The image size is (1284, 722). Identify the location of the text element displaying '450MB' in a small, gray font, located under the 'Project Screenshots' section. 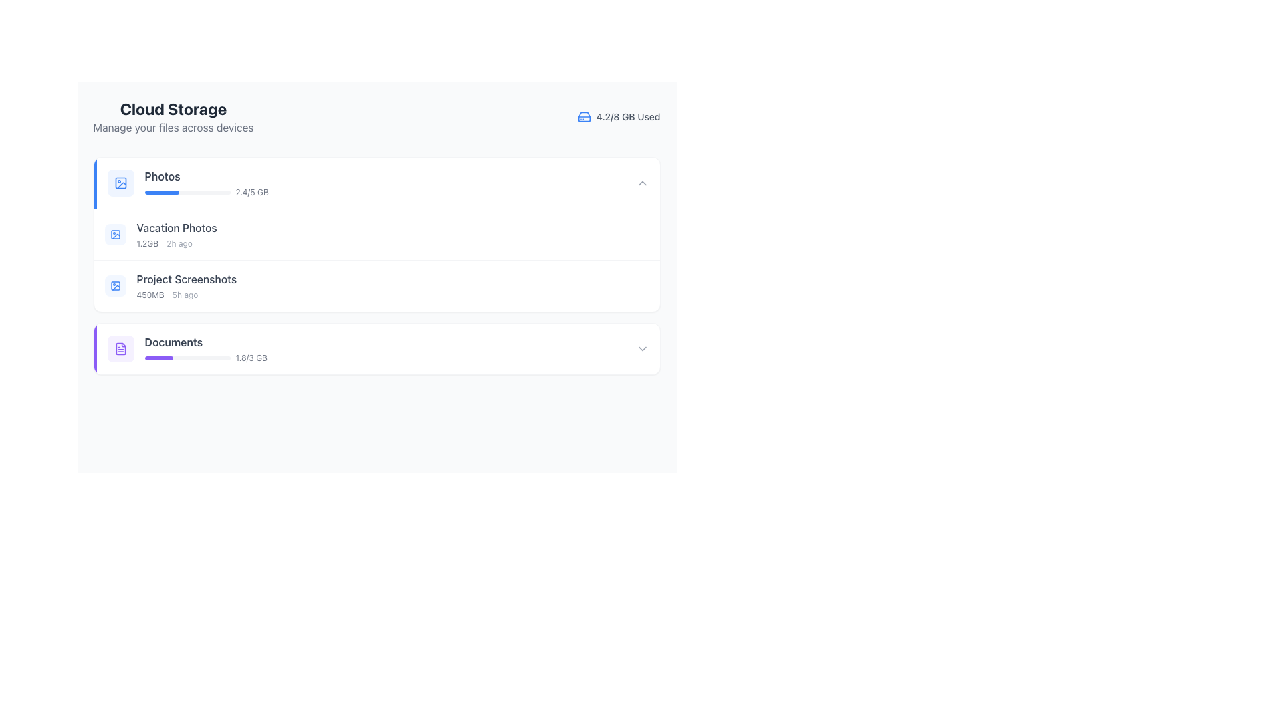
(150, 295).